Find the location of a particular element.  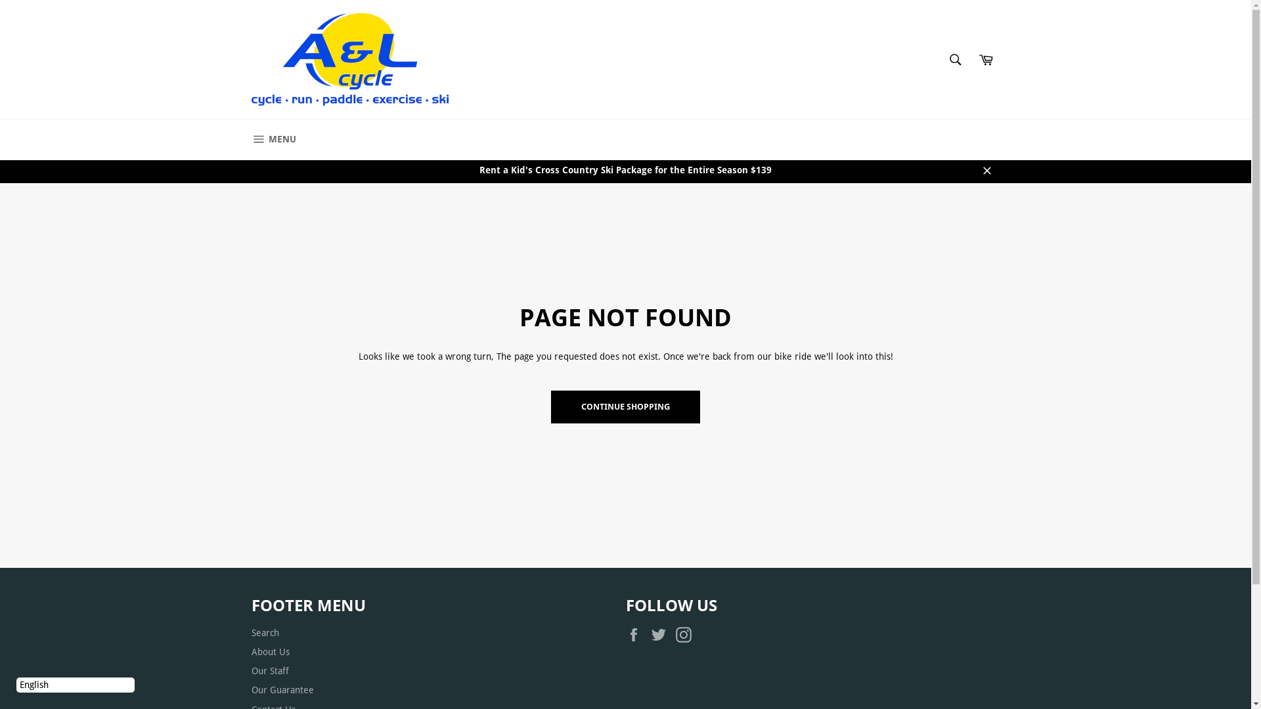

'Twitter' is located at coordinates (661, 634).